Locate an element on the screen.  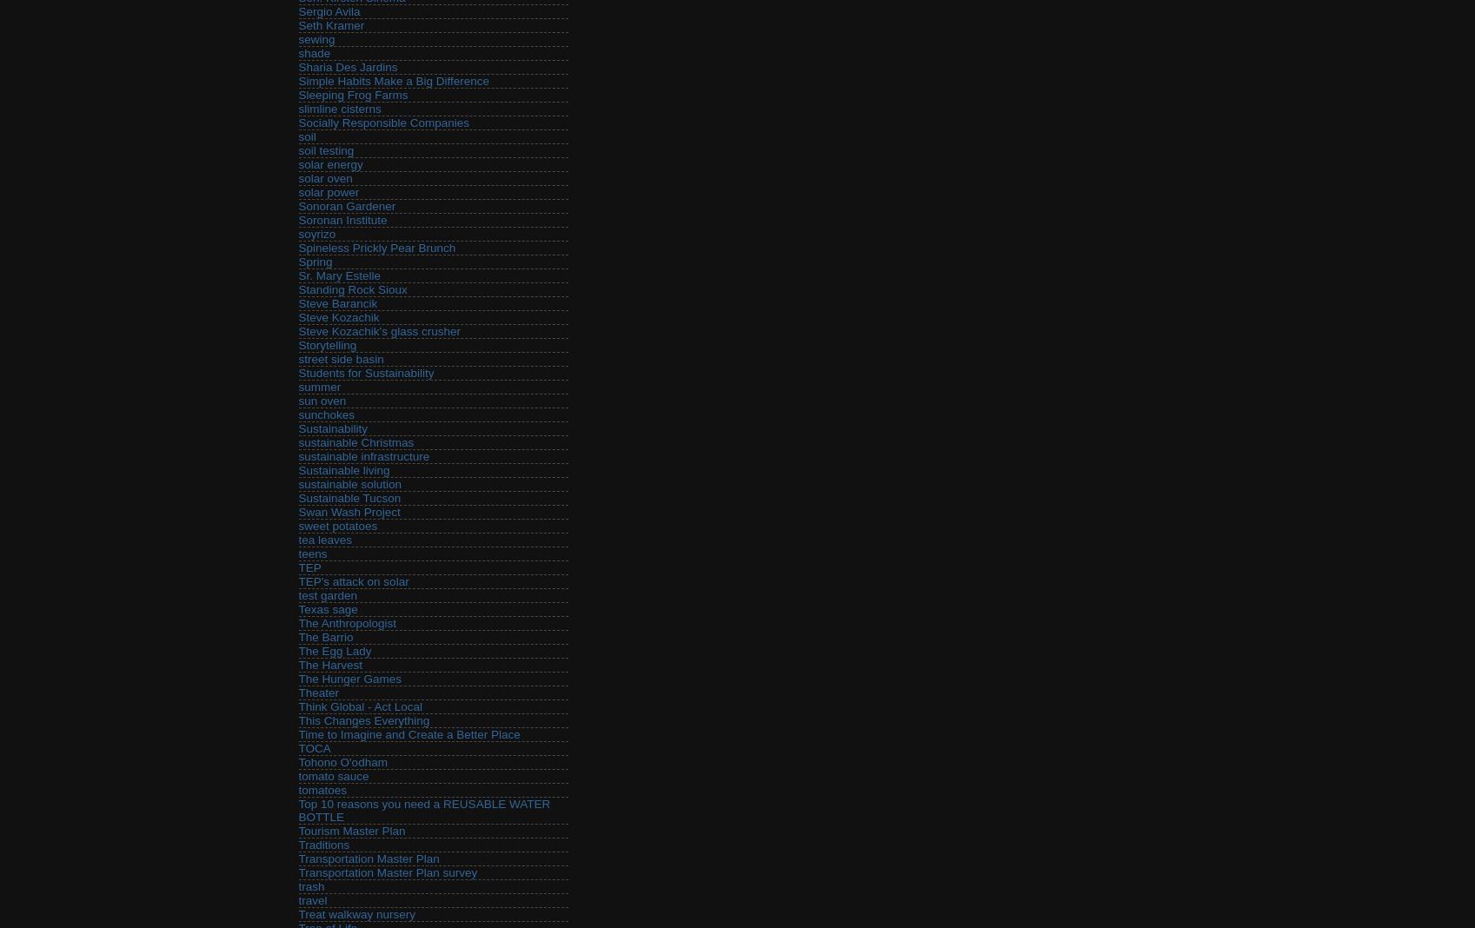
'soyrizo' is located at coordinates (316, 233).